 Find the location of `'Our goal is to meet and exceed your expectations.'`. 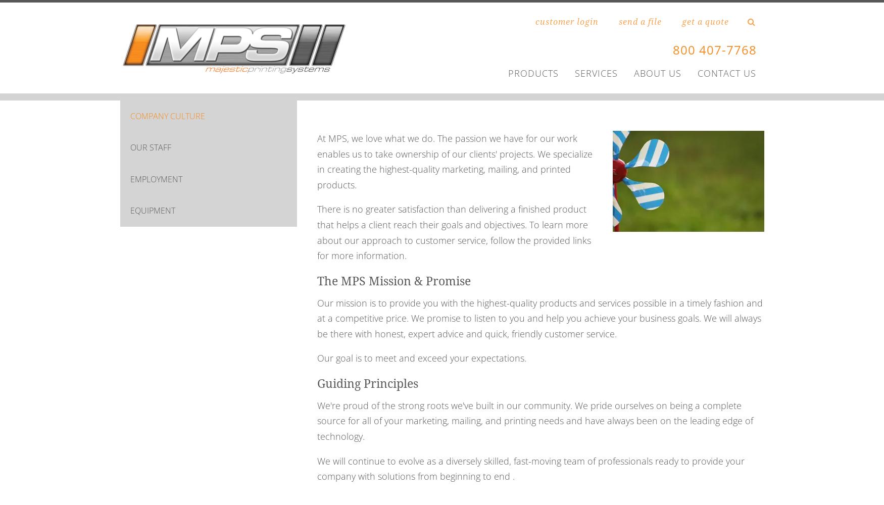

'Our goal is to meet and exceed your expectations.' is located at coordinates (316, 358).